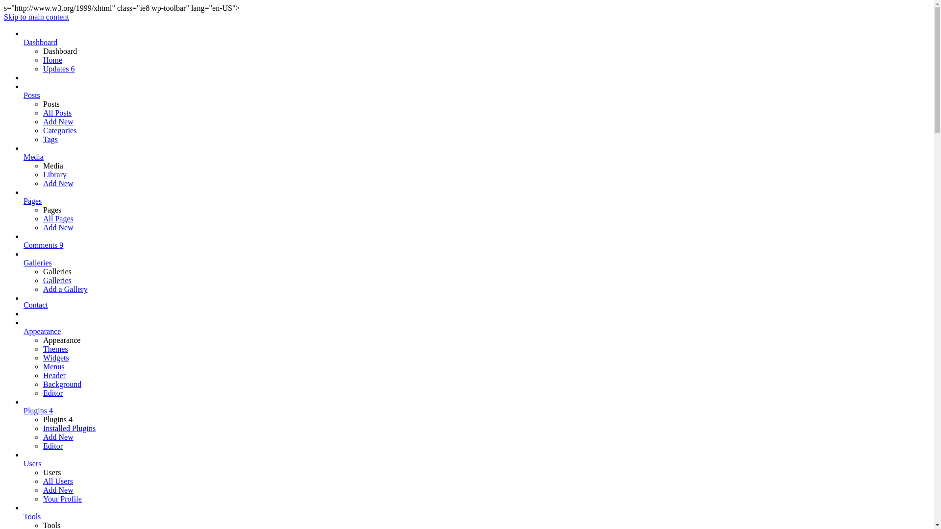 The image size is (941, 529). What do you see at coordinates (58, 68) in the screenshot?
I see `'Updates 6'` at bounding box center [58, 68].